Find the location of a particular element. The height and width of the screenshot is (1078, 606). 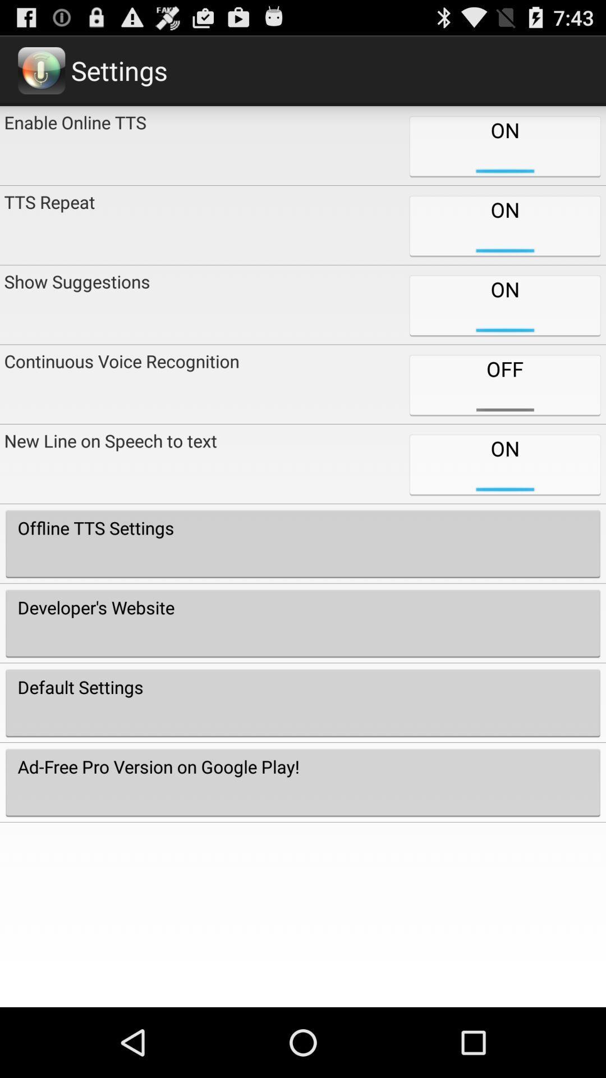

default settings is located at coordinates (303, 702).